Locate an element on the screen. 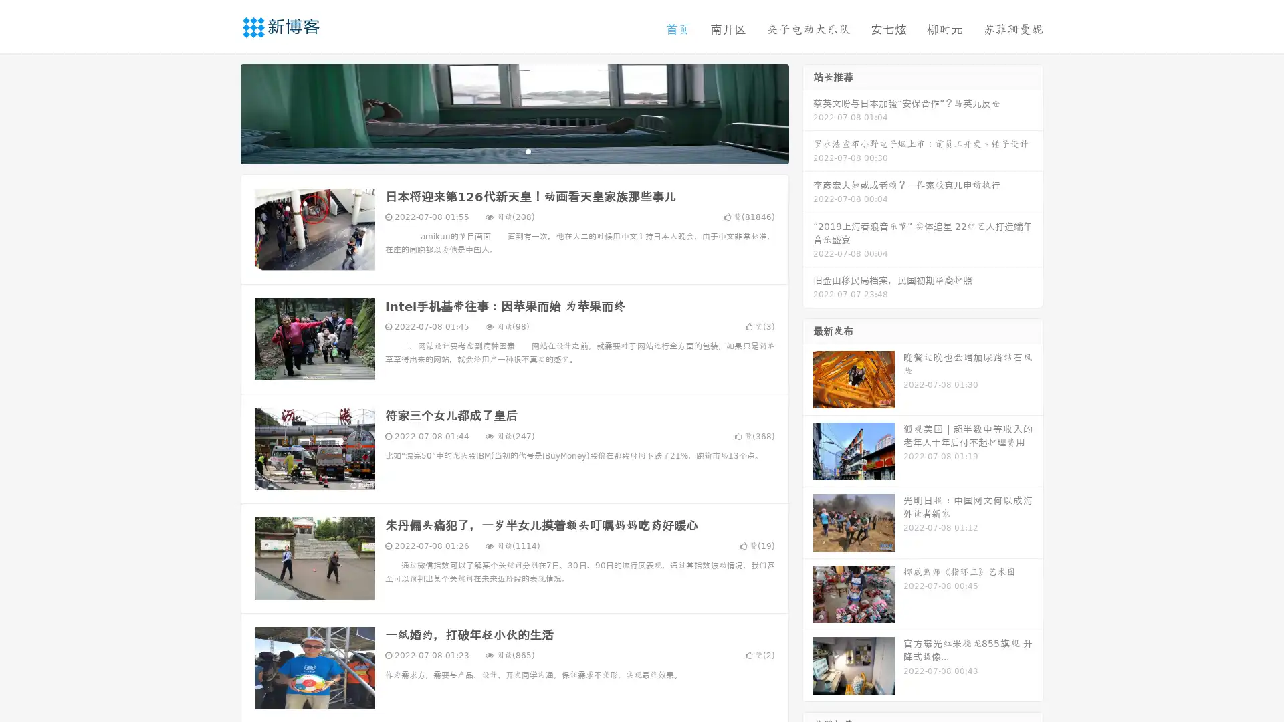 Image resolution: width=1284 pixels, height=722 pixels. Go to slide 3 is located at coordinates (528, 150).